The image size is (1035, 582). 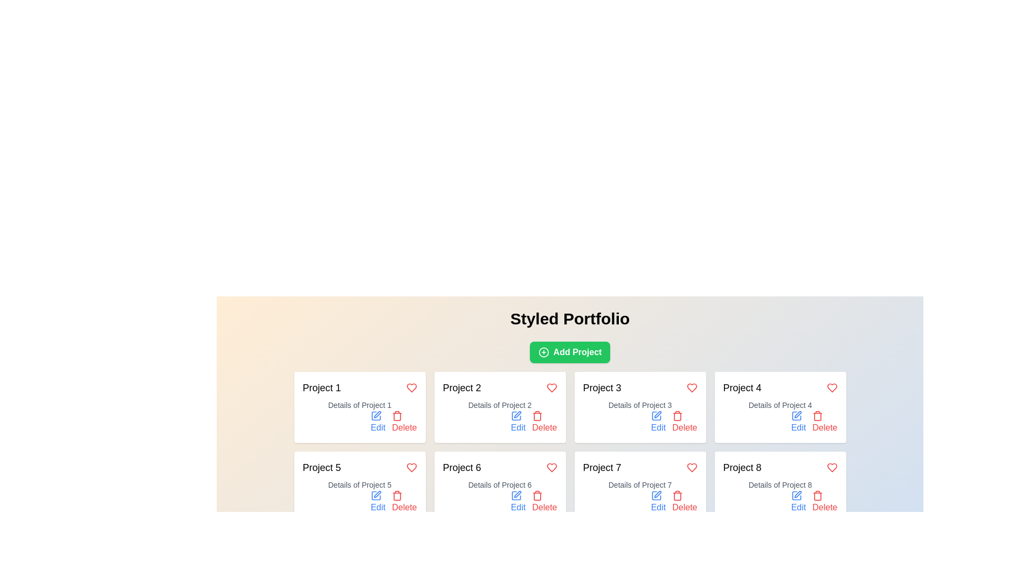 I want to click on the editing tool/icon located within the 'Edit' button of the 'Project 7' card, positioned in the sixth slot among visible cards, so click(x=655, y=496).